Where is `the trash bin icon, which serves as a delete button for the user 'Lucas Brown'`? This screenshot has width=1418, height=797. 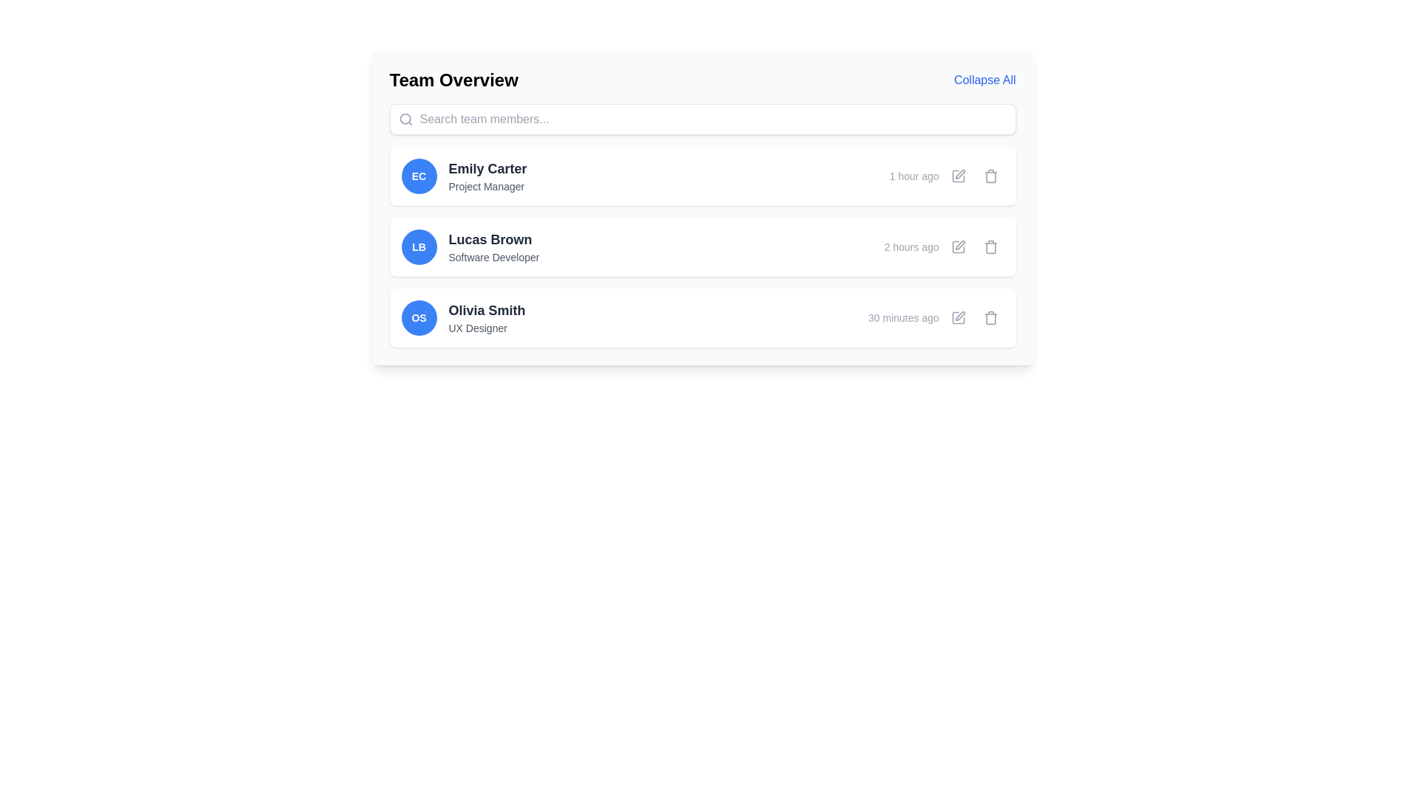 the trash bin icon, which serves as a delete button for the user 'Lucas Brown' is located at coordinates (990, 246).